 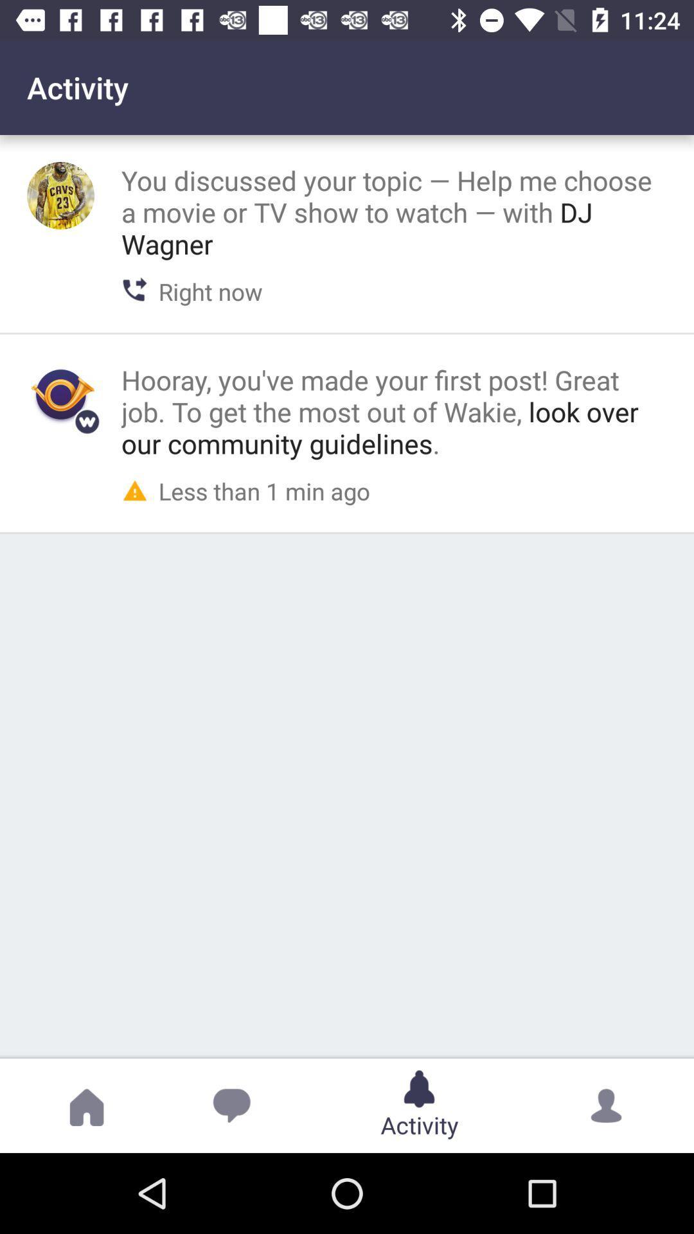 What do you see at coordinates (60, 394) in the screenshot?
I see `profile` at bounding box center [60, 394].